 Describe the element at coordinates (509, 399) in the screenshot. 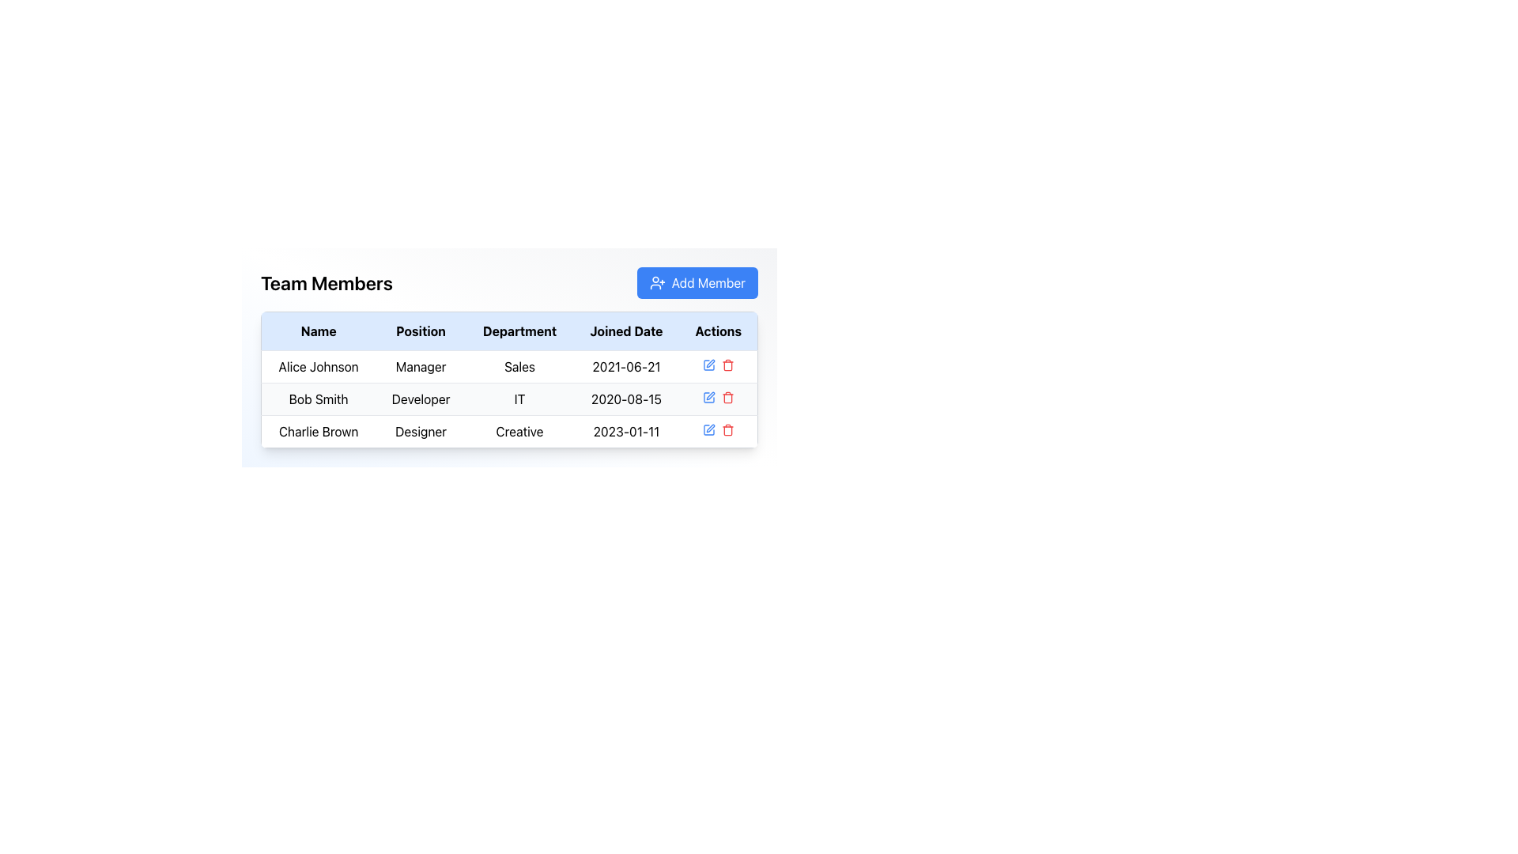

I see `the text 'Bob Smith Developer IT 2020-08-15' in the second row of the table` at that location.